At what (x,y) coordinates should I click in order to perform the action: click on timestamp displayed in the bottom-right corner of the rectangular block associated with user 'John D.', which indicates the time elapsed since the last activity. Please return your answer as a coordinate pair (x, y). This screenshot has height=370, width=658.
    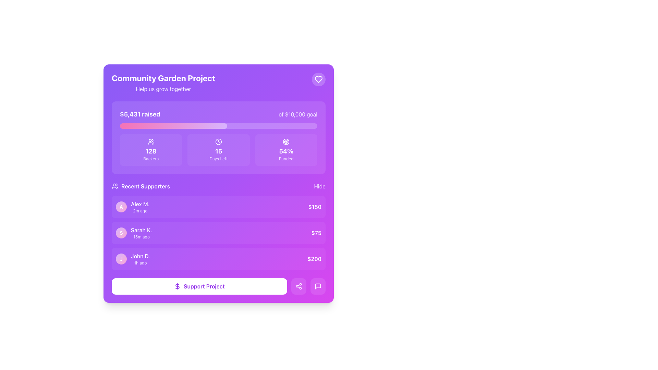
    Looking at the image, I should click on (140, 262).